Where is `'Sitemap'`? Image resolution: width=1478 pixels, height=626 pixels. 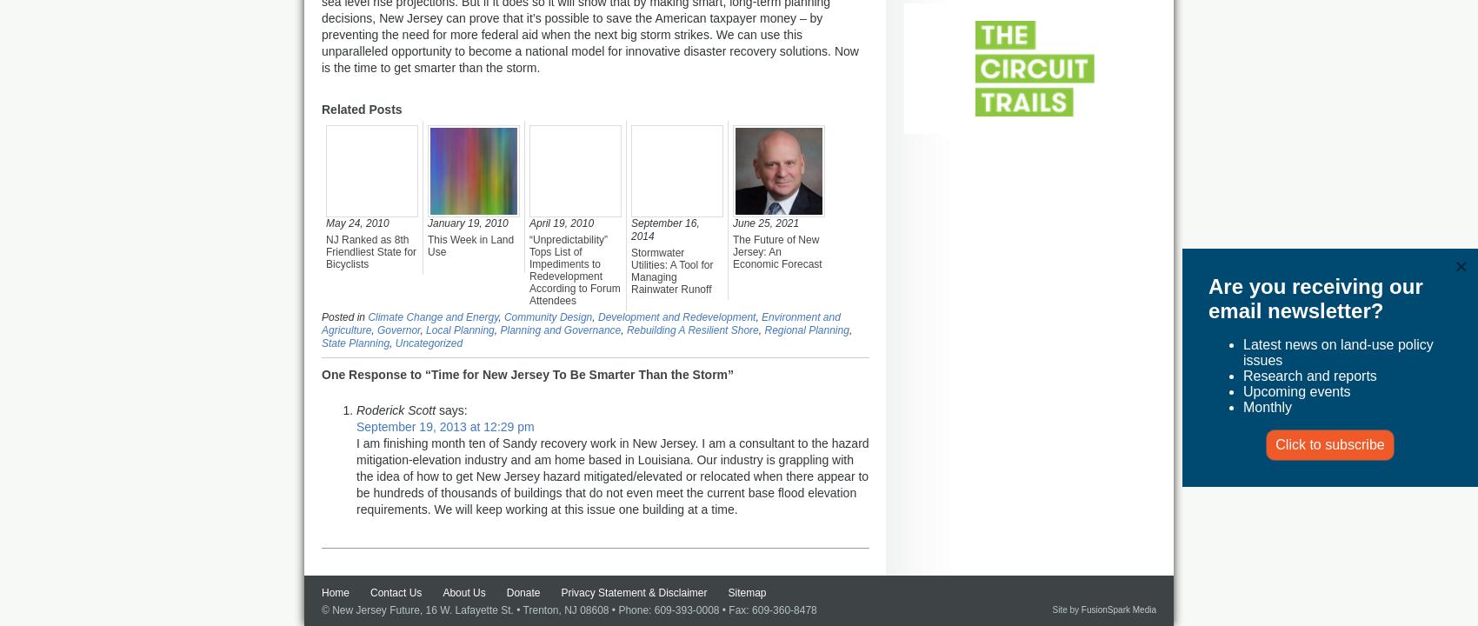
'Sitemap' is located at coordinates (727, 591).